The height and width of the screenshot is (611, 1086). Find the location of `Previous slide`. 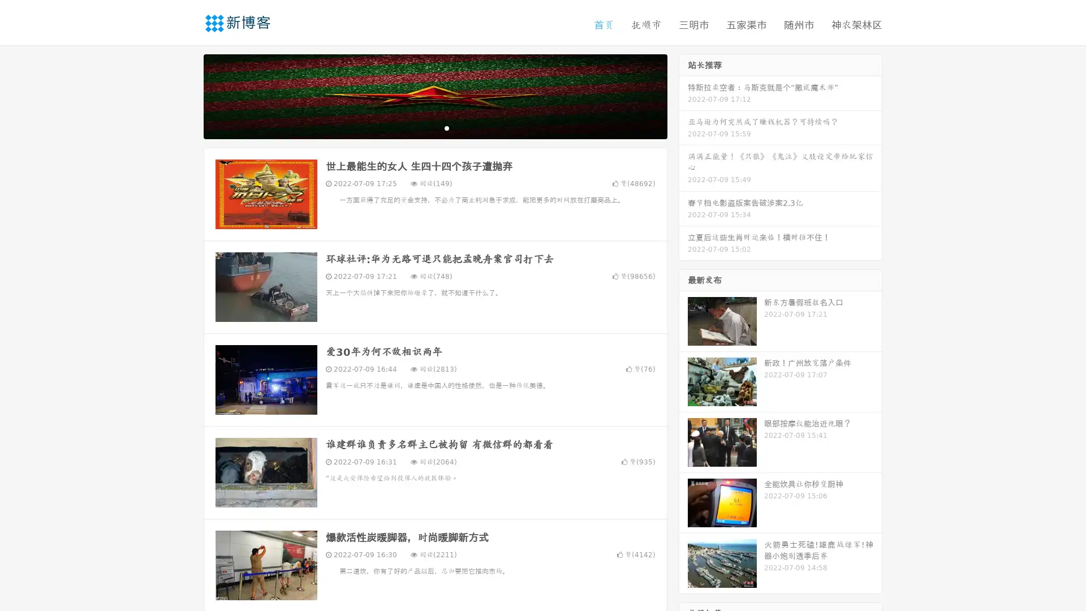

Previous slide is located at coordinates (187, 95).